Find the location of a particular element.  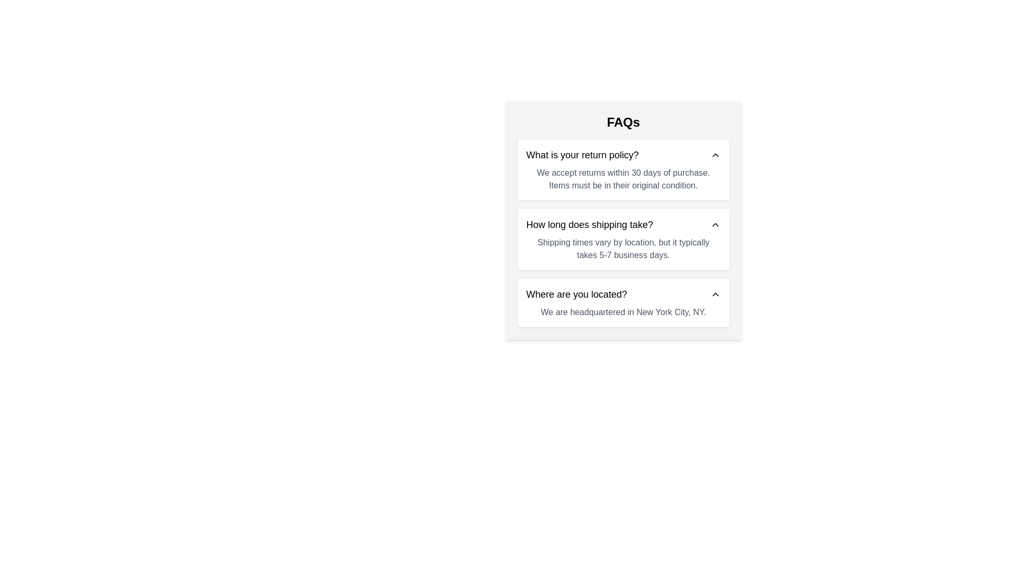

the informational text block providing supplementary information about shipping durations, located below the heading 'How long does shipping take?' in the FAQs interface is located at coordinates (623, 249).